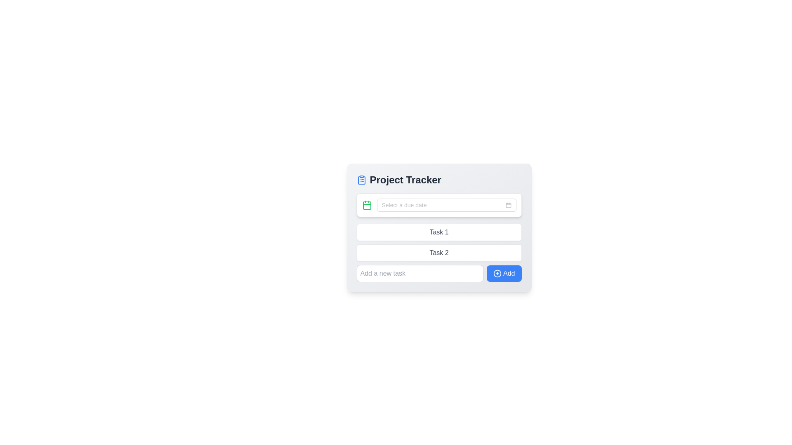 The height and width of the screenshot is (445, 792). I want to click on the calendar button/icon positioned at the right end of the date picker input field, so click(508, 204).